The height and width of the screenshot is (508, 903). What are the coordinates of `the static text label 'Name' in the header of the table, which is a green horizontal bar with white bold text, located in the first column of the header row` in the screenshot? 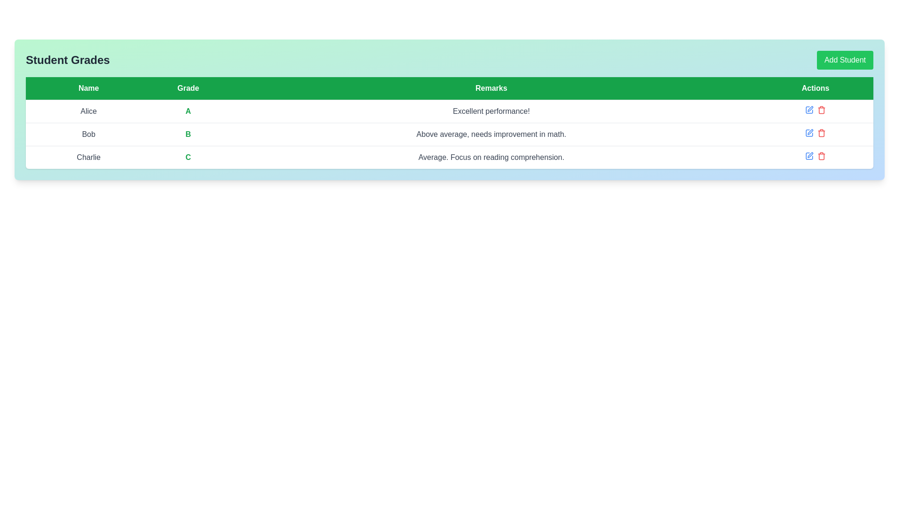 It's located at (88, 88).